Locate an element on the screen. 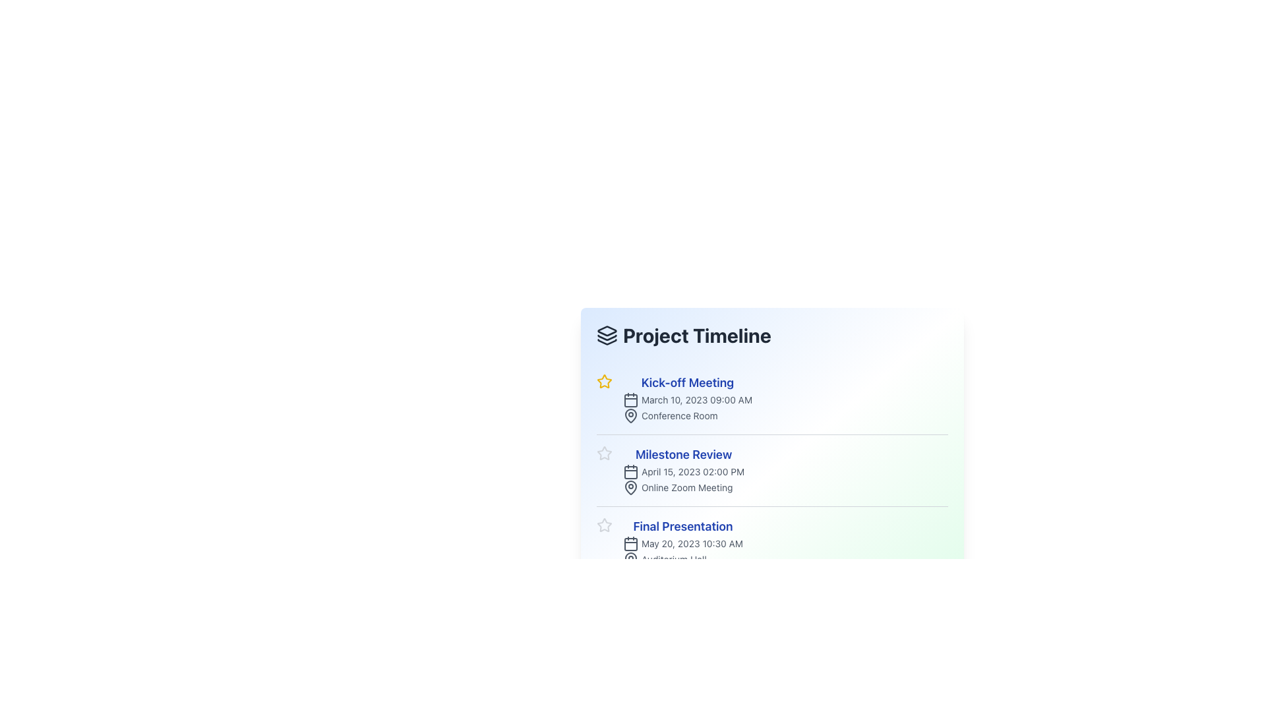  the informational text element indicating that the meeting will take place online via Zoom, located in the 'Milestone Review' section, specifically as the third line of text below the date and time information is located at coordinates (683, 488).